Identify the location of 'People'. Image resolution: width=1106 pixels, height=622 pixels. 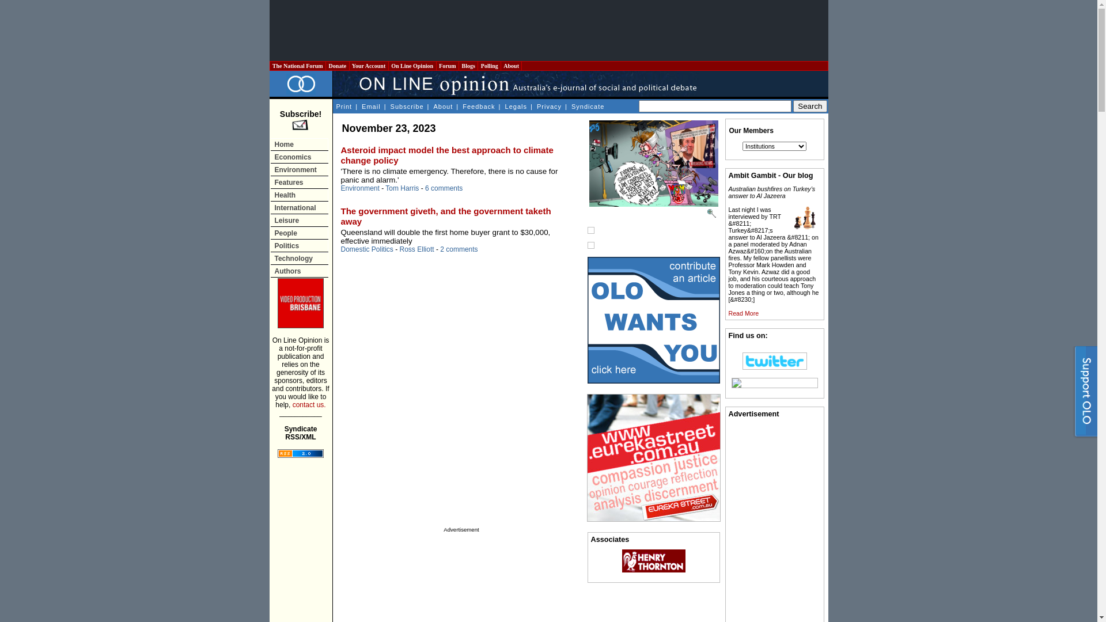
(299, 233).